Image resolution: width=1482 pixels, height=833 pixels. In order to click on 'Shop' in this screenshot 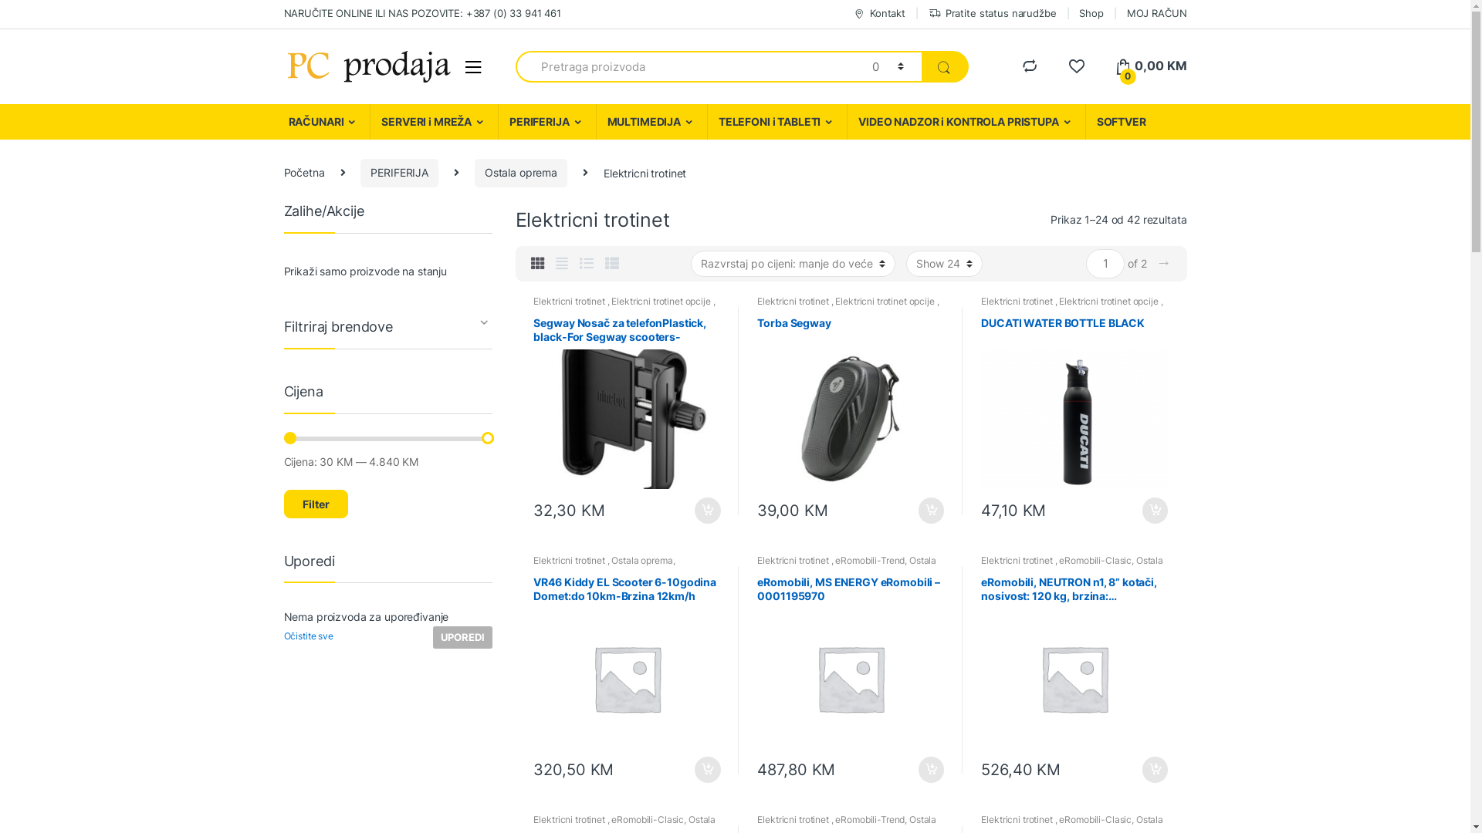, I will do `click(1090, 14)`.